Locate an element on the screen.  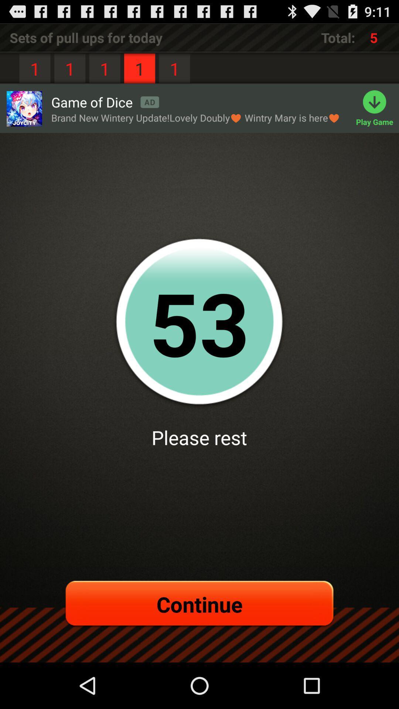
the app to the left of the play game icon is located at coordinates (105, 102).